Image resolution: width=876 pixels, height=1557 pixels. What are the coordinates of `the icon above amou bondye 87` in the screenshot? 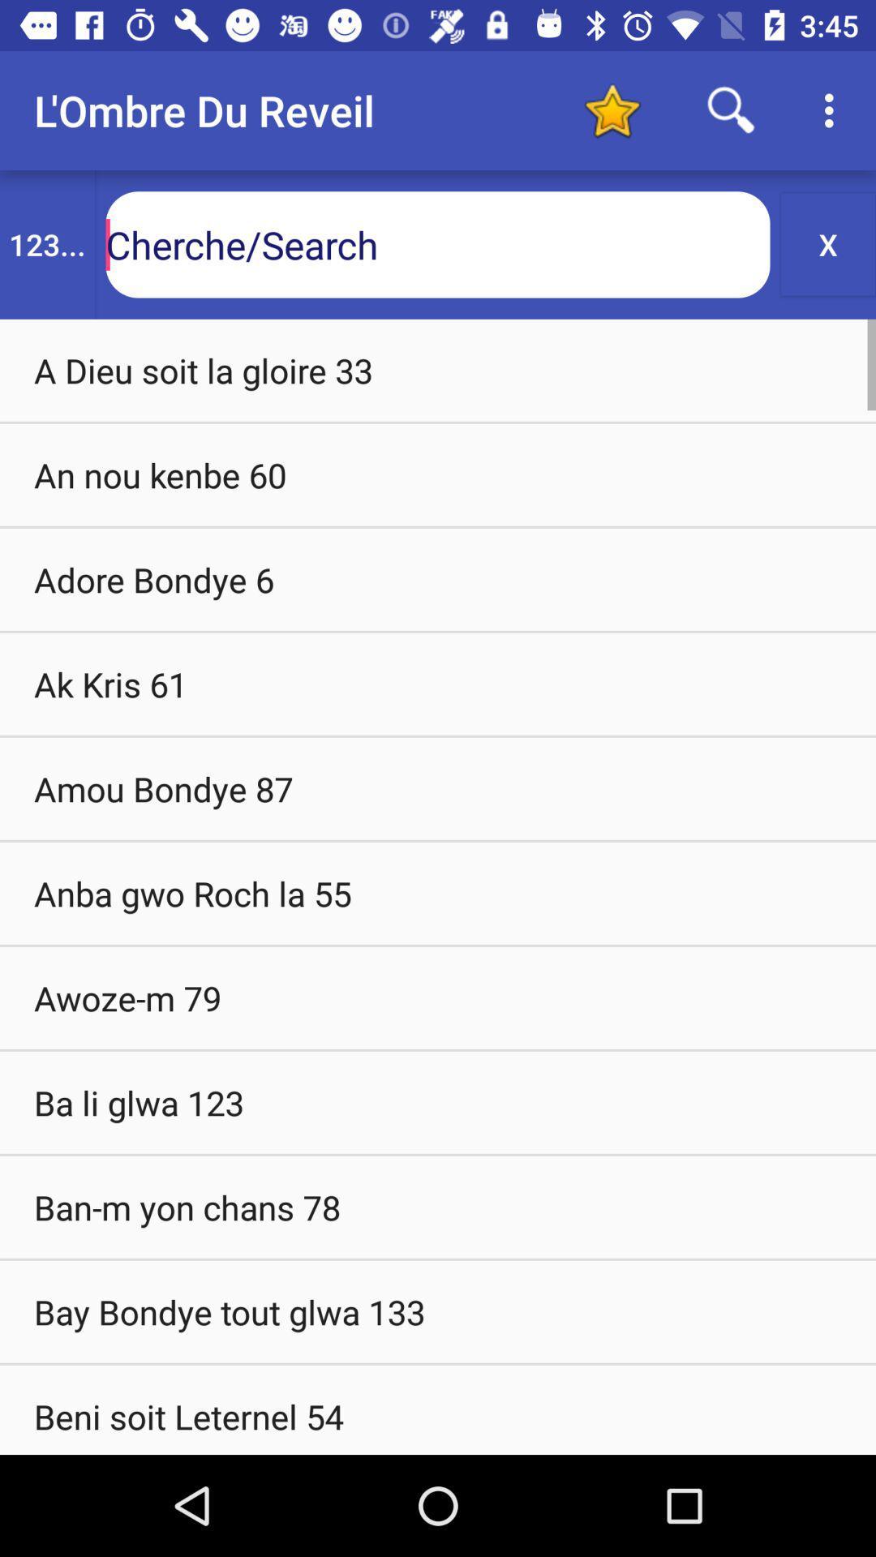 It's located at (438, 684).